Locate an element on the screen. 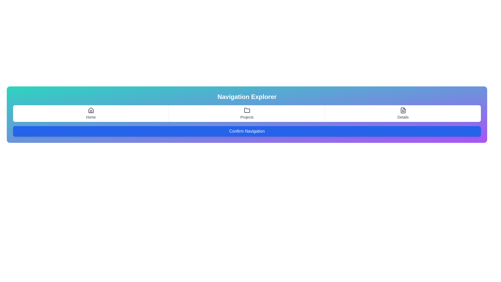 This screenshot has height=282, width=501. the clickable navigation link located directly below the house-shaped icon in the navigation menu is located at coordinates (91, 117).